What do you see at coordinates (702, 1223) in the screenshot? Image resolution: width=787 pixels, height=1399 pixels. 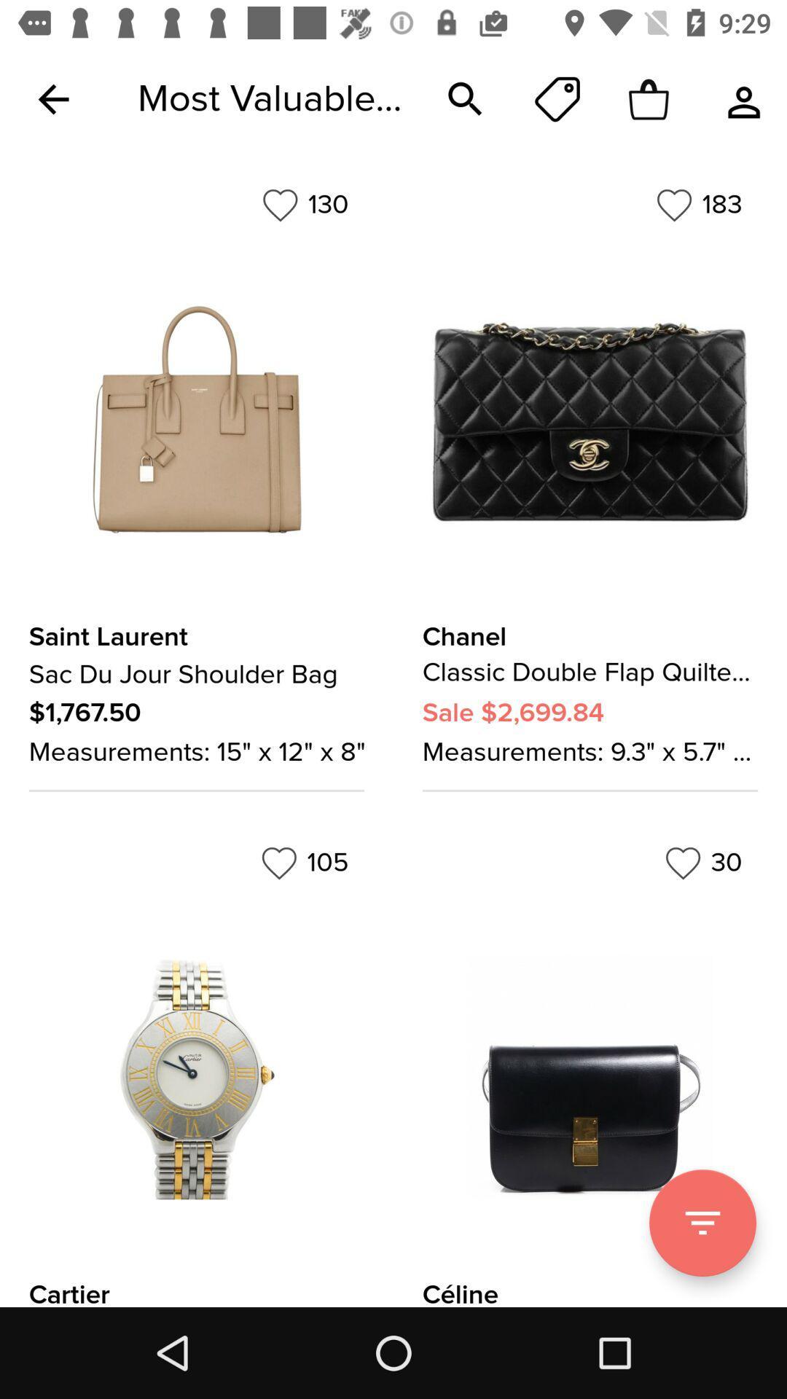 I see `filter option` at bounding box center [702, 1223].